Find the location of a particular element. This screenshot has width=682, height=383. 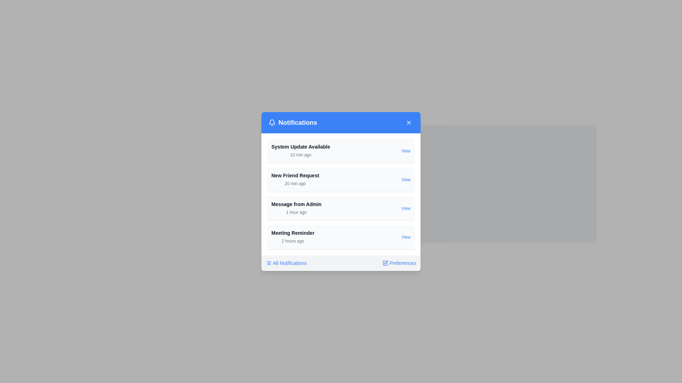

text 'Notifications' from the Label with icon element located in the blue header bar of the notification modal is located at coordinates (293, 122).